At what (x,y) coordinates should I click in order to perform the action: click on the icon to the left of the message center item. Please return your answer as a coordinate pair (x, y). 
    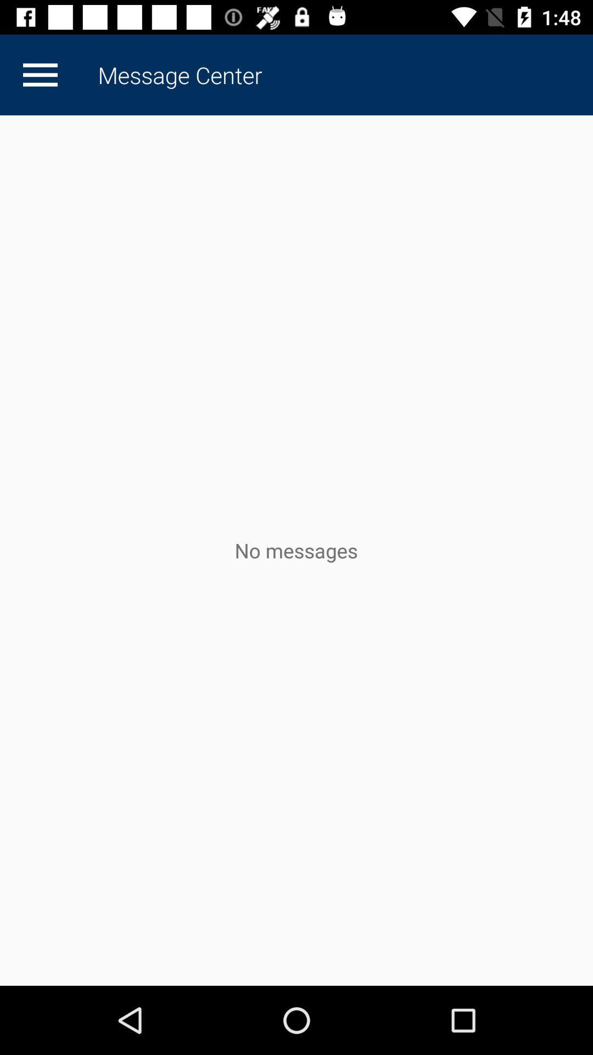
    Looking at the image, I should click on (40, 74).